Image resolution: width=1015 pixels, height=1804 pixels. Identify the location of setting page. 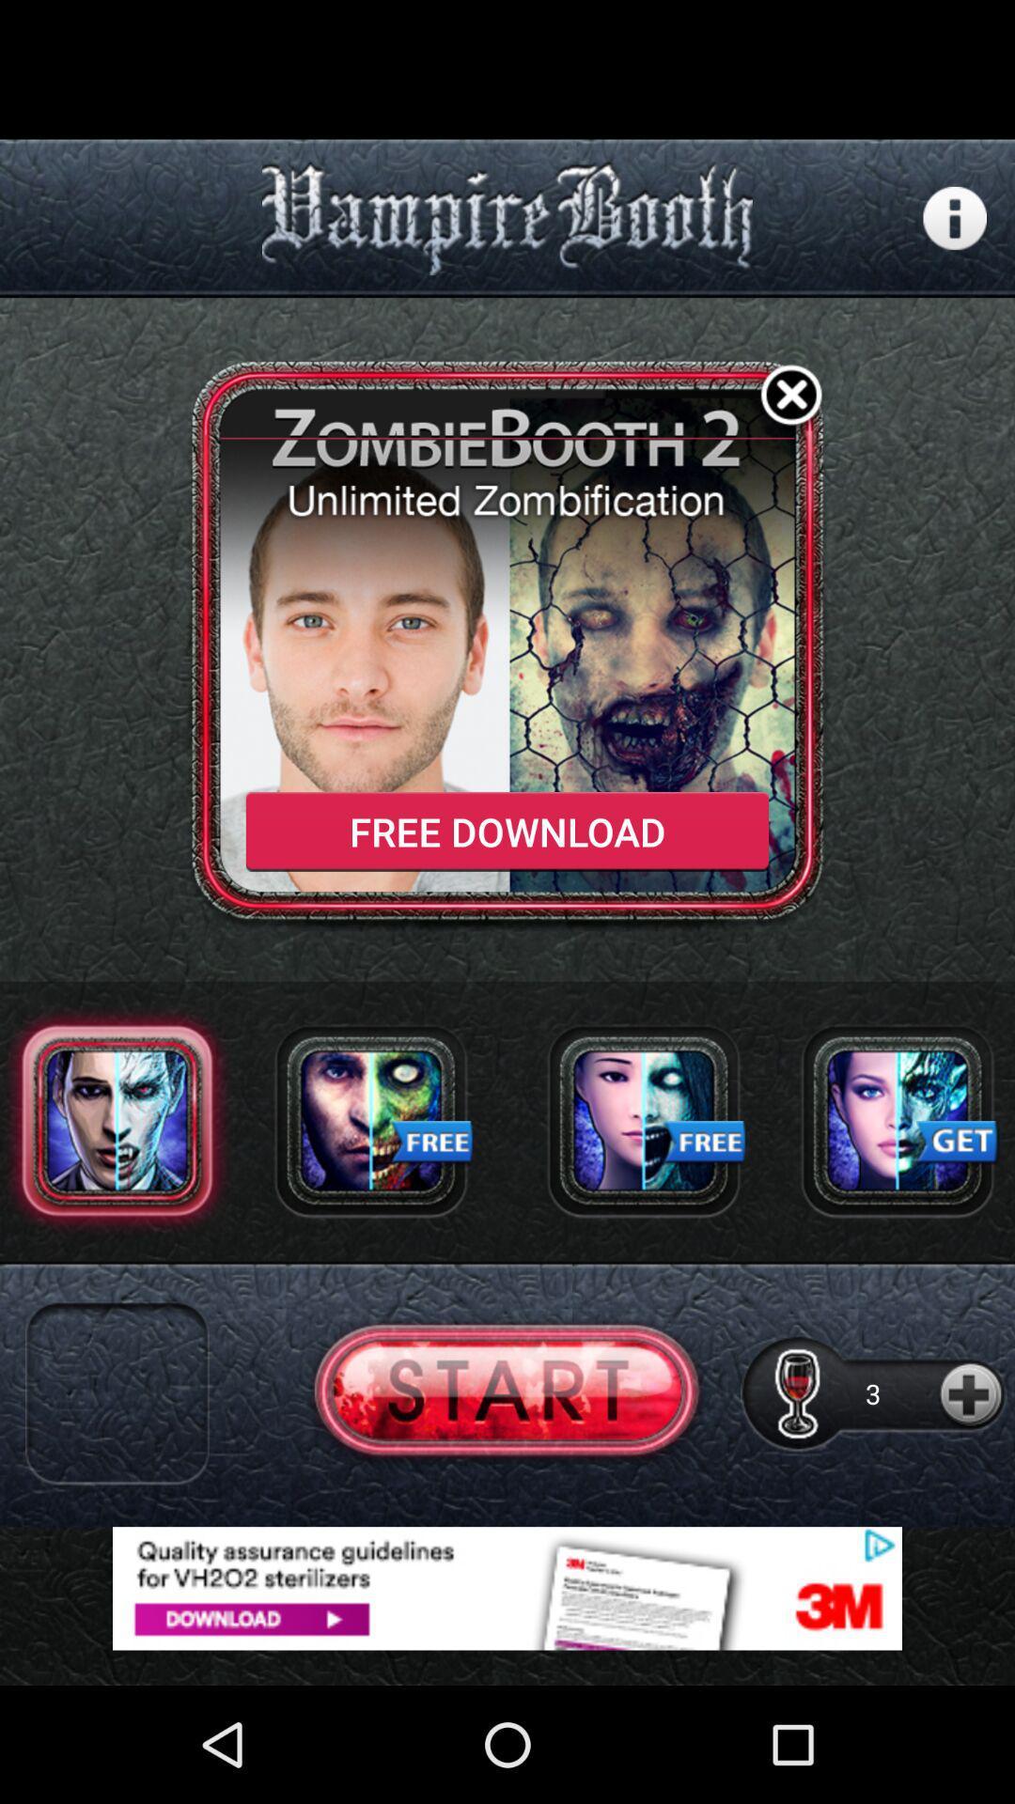
(955, 218).